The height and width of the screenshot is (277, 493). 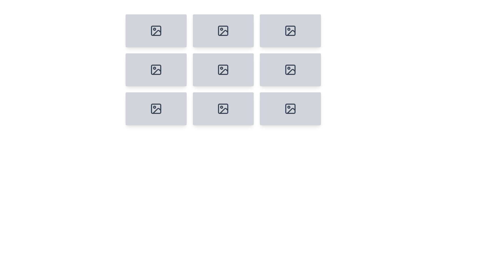 What do you see at coordinates (156, 108) in the screenshot?
I see `the non-interactive card located in the bottom-left of a 3x3 grid layout, which is the first item in the third row` at bounding box center [156, 108].